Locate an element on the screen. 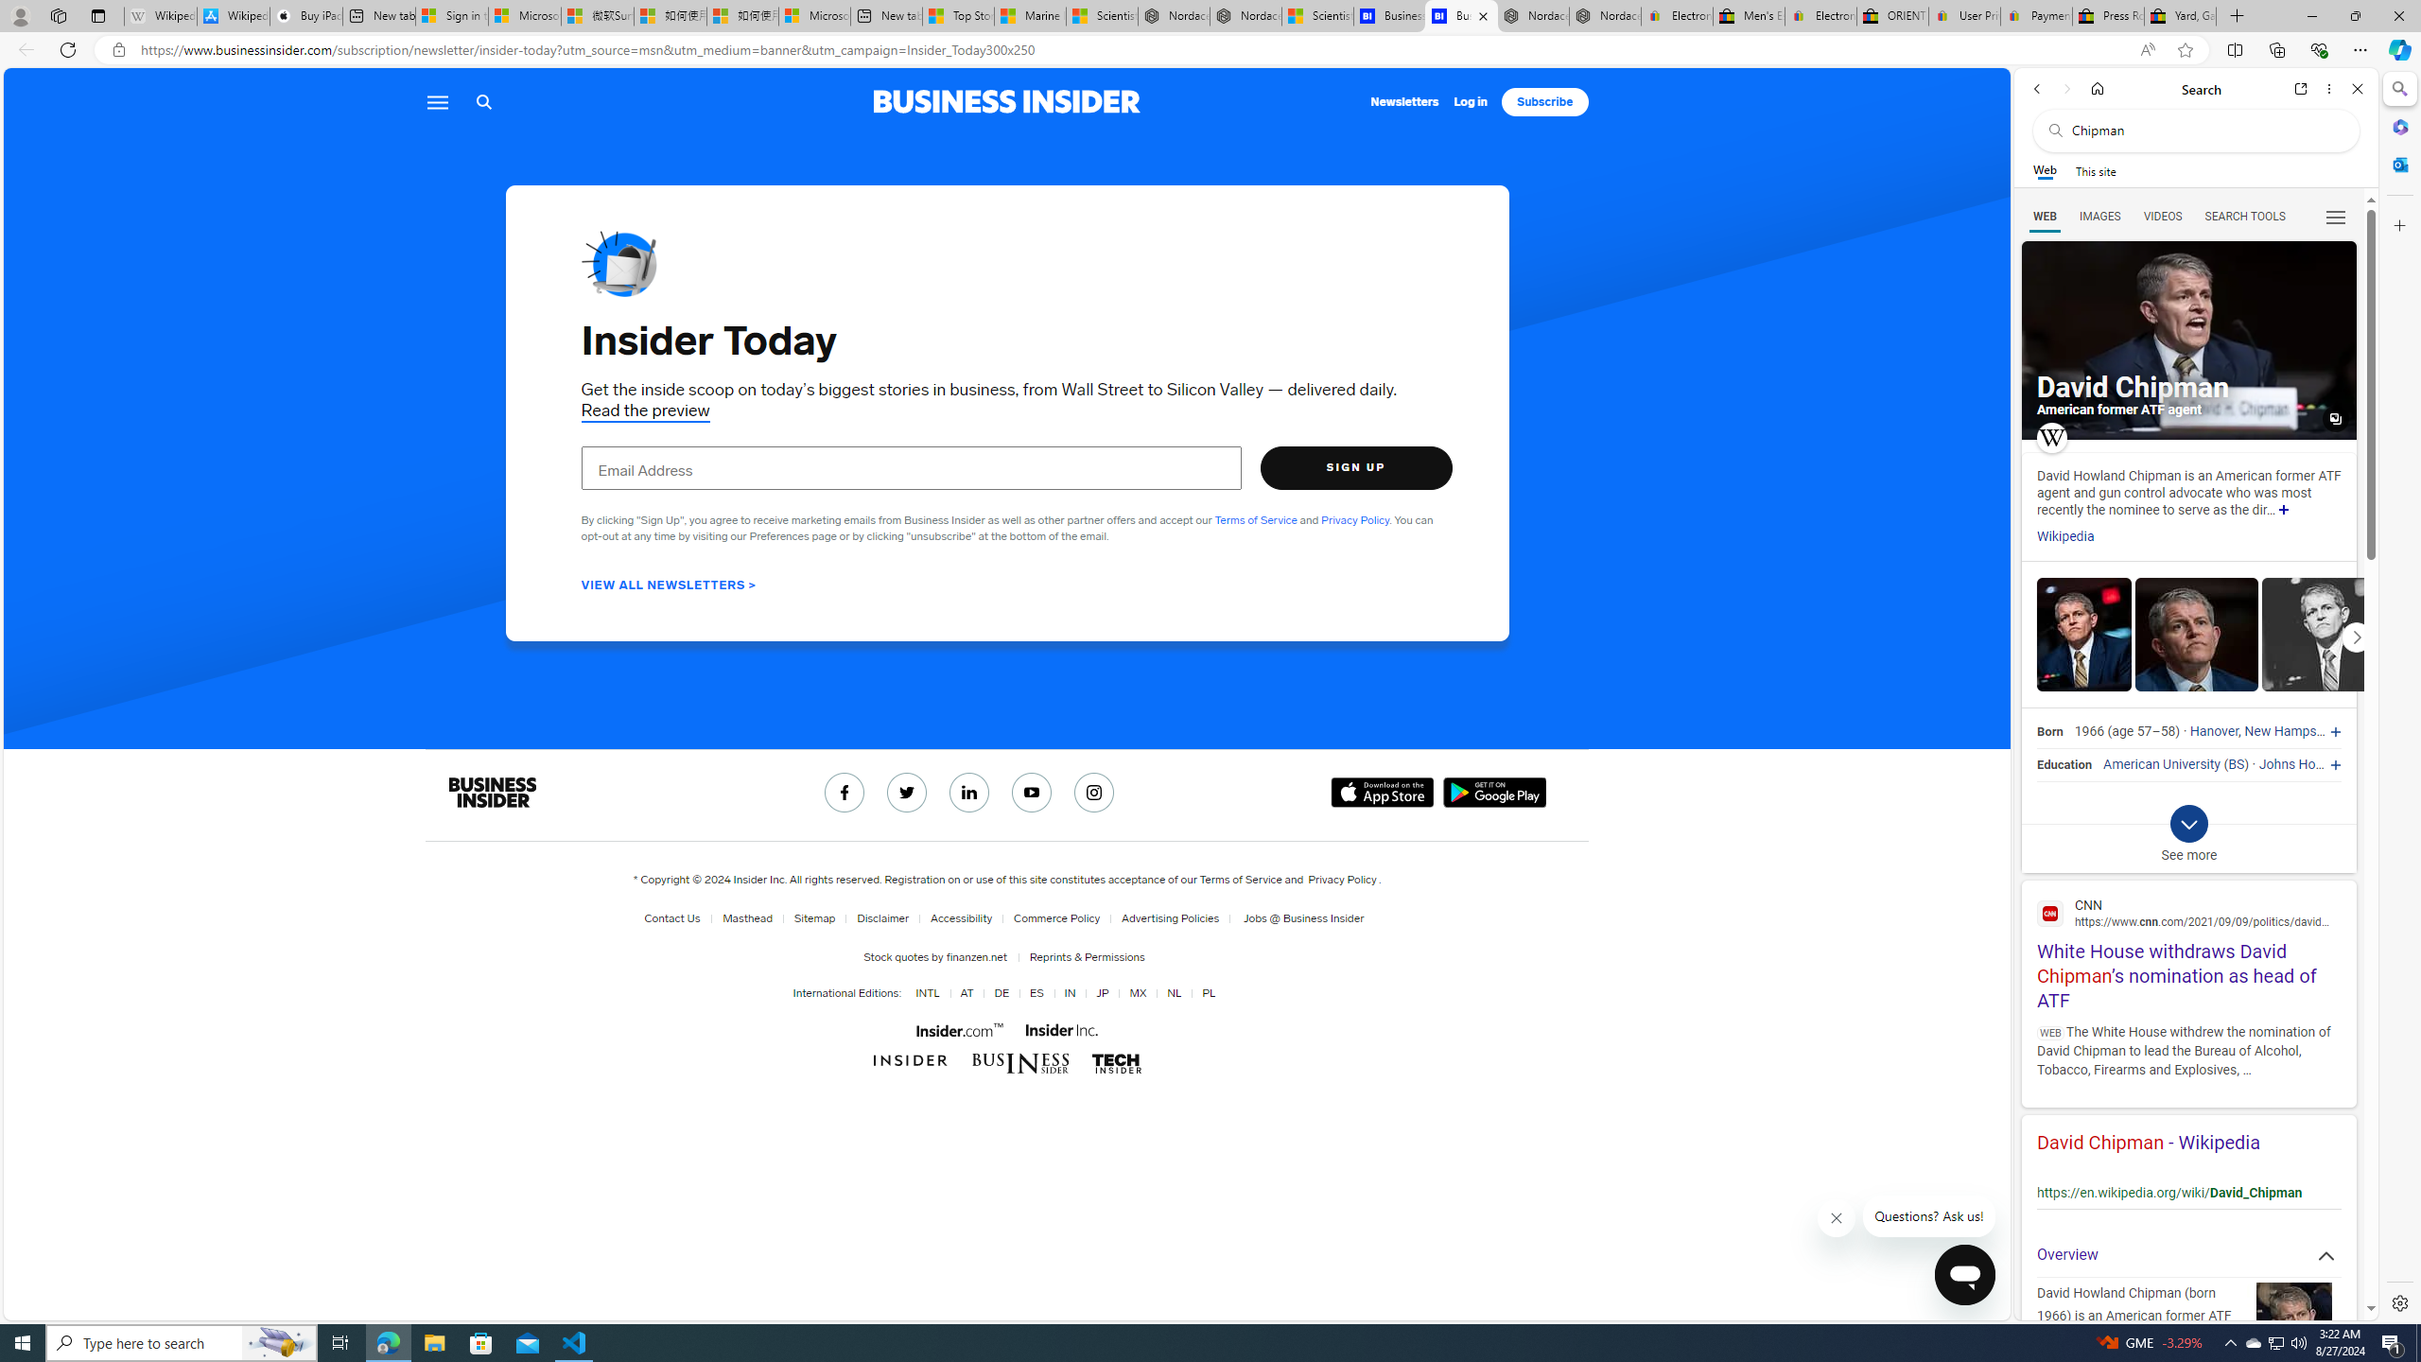 The width and height of the screenshot is (2421, 1362). 'Commerce Policy' is located at coordinates (1056, 917).